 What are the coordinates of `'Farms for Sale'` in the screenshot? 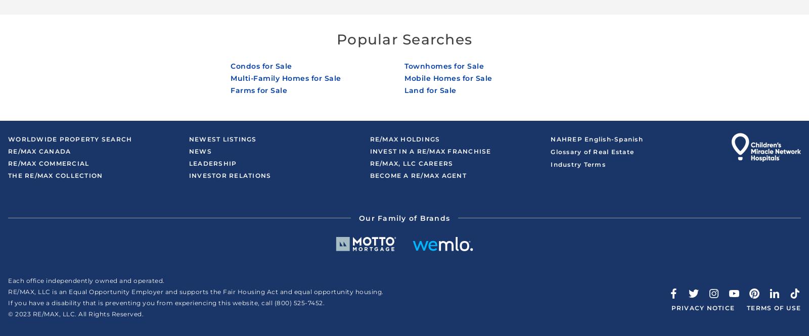 It's located at (258, 90).